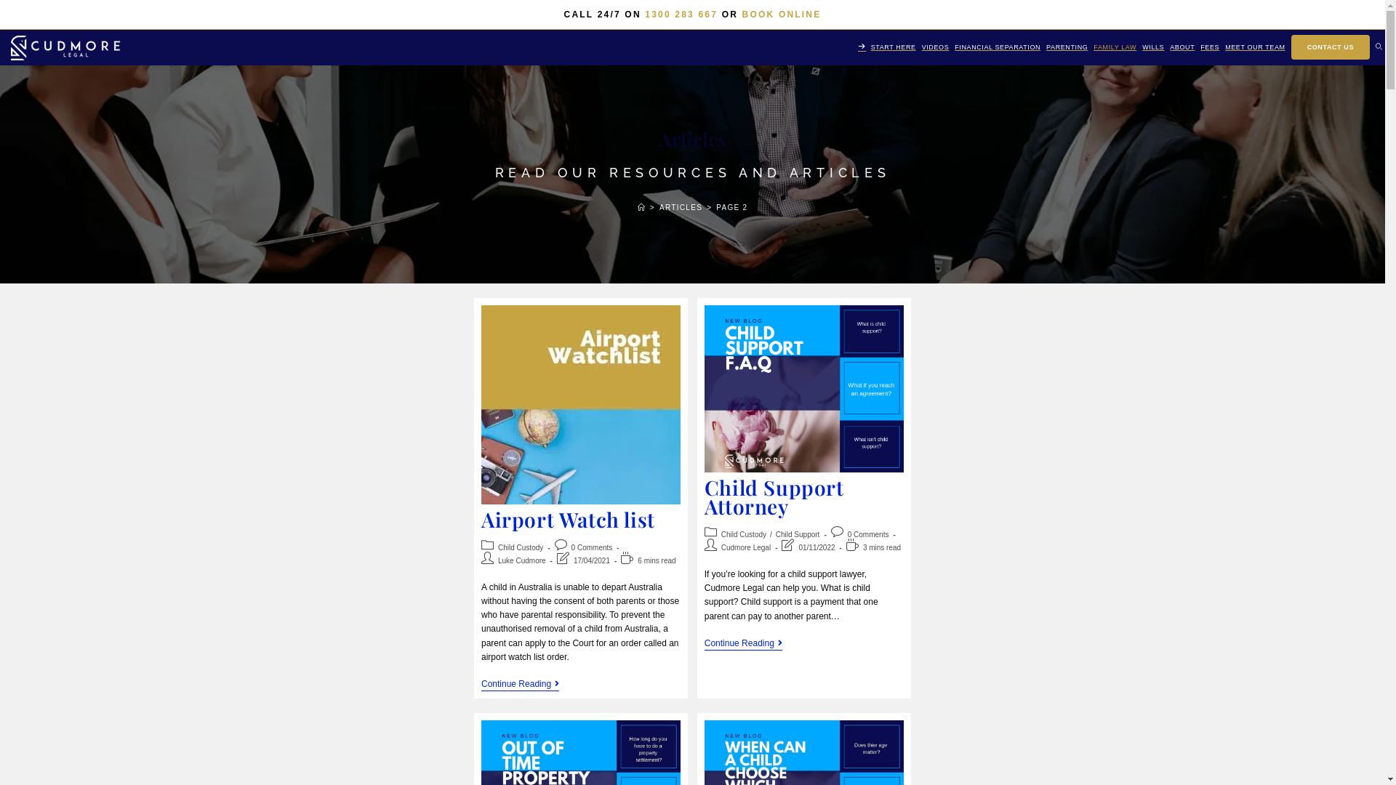 This screenshot has width=1396, height=785. What do you see at coordinates (659, 207) in the screenshot?
I see `'ARTICLES'` at bounding box center [659, 207].